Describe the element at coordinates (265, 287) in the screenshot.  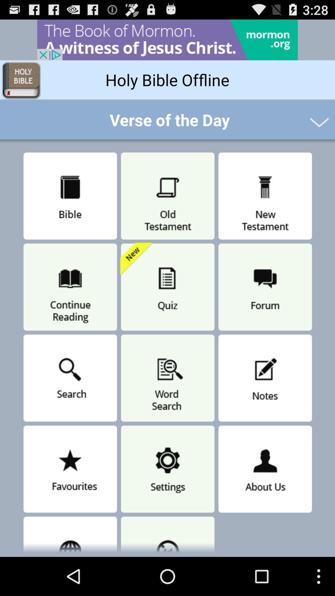
I see `the icon forum` at that location.